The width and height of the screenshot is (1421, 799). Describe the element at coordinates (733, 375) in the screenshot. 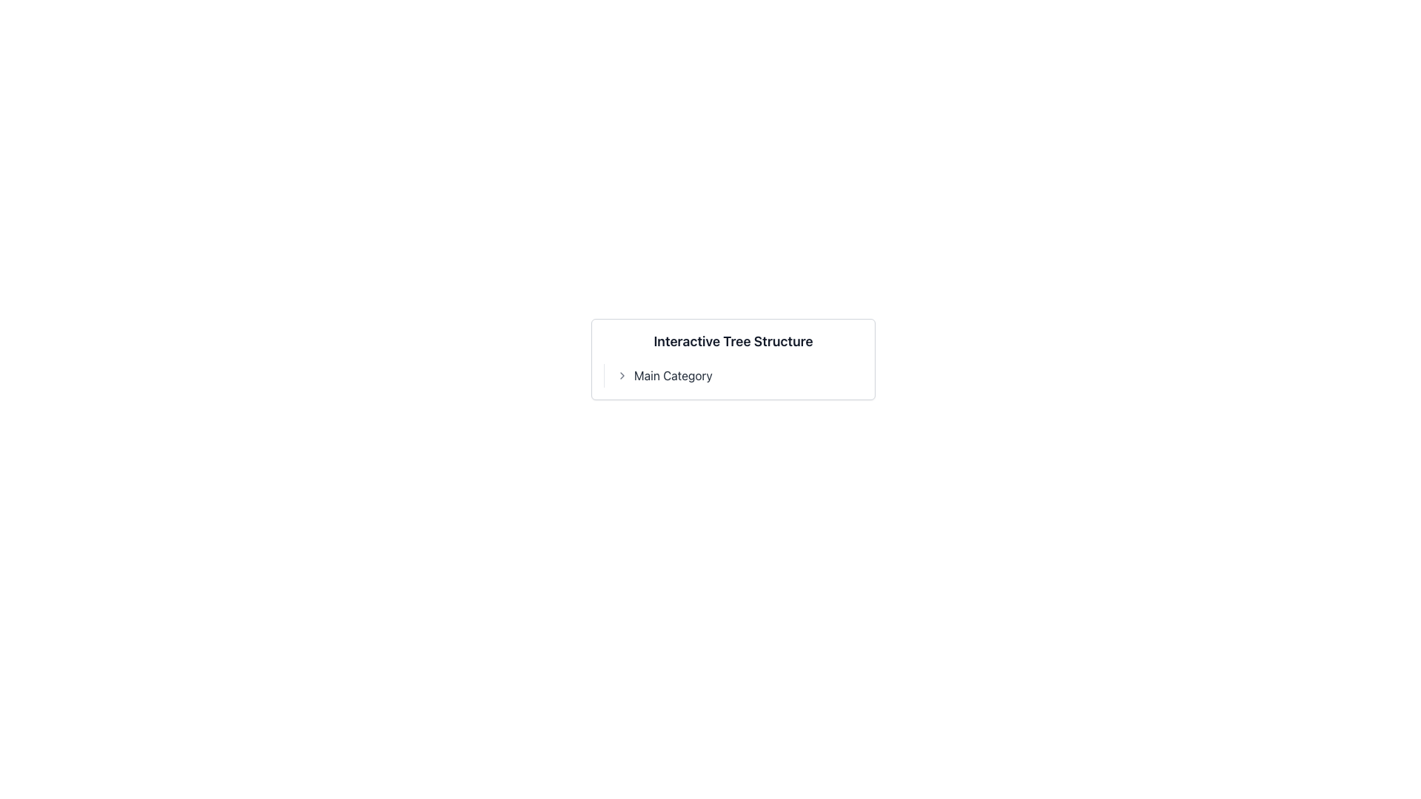

I see `the 'Main Category' menu item` at that location.